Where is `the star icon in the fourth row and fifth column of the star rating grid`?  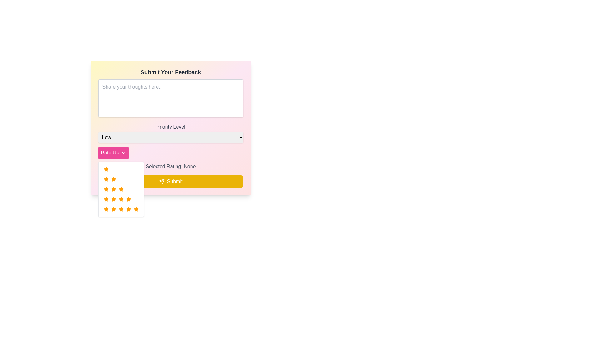
the star icon in the fourth row and fifth column of the star rating grid is located at coordinates (121, 209).